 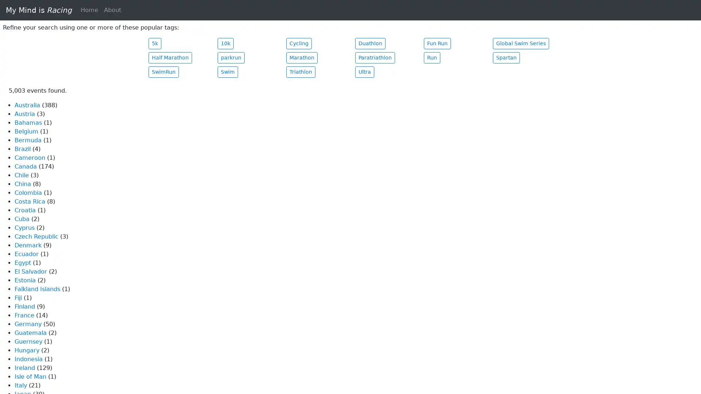 I want to click on 5k, so click(x=154, y=43).